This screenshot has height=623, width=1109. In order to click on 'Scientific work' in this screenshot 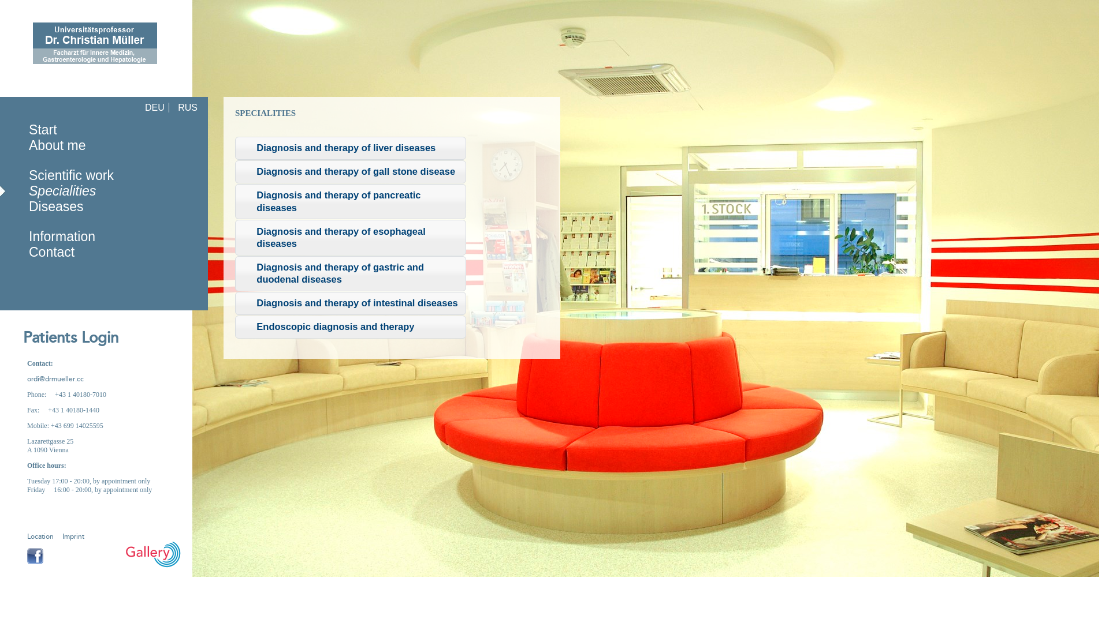, I will do `click(70, 175)`.